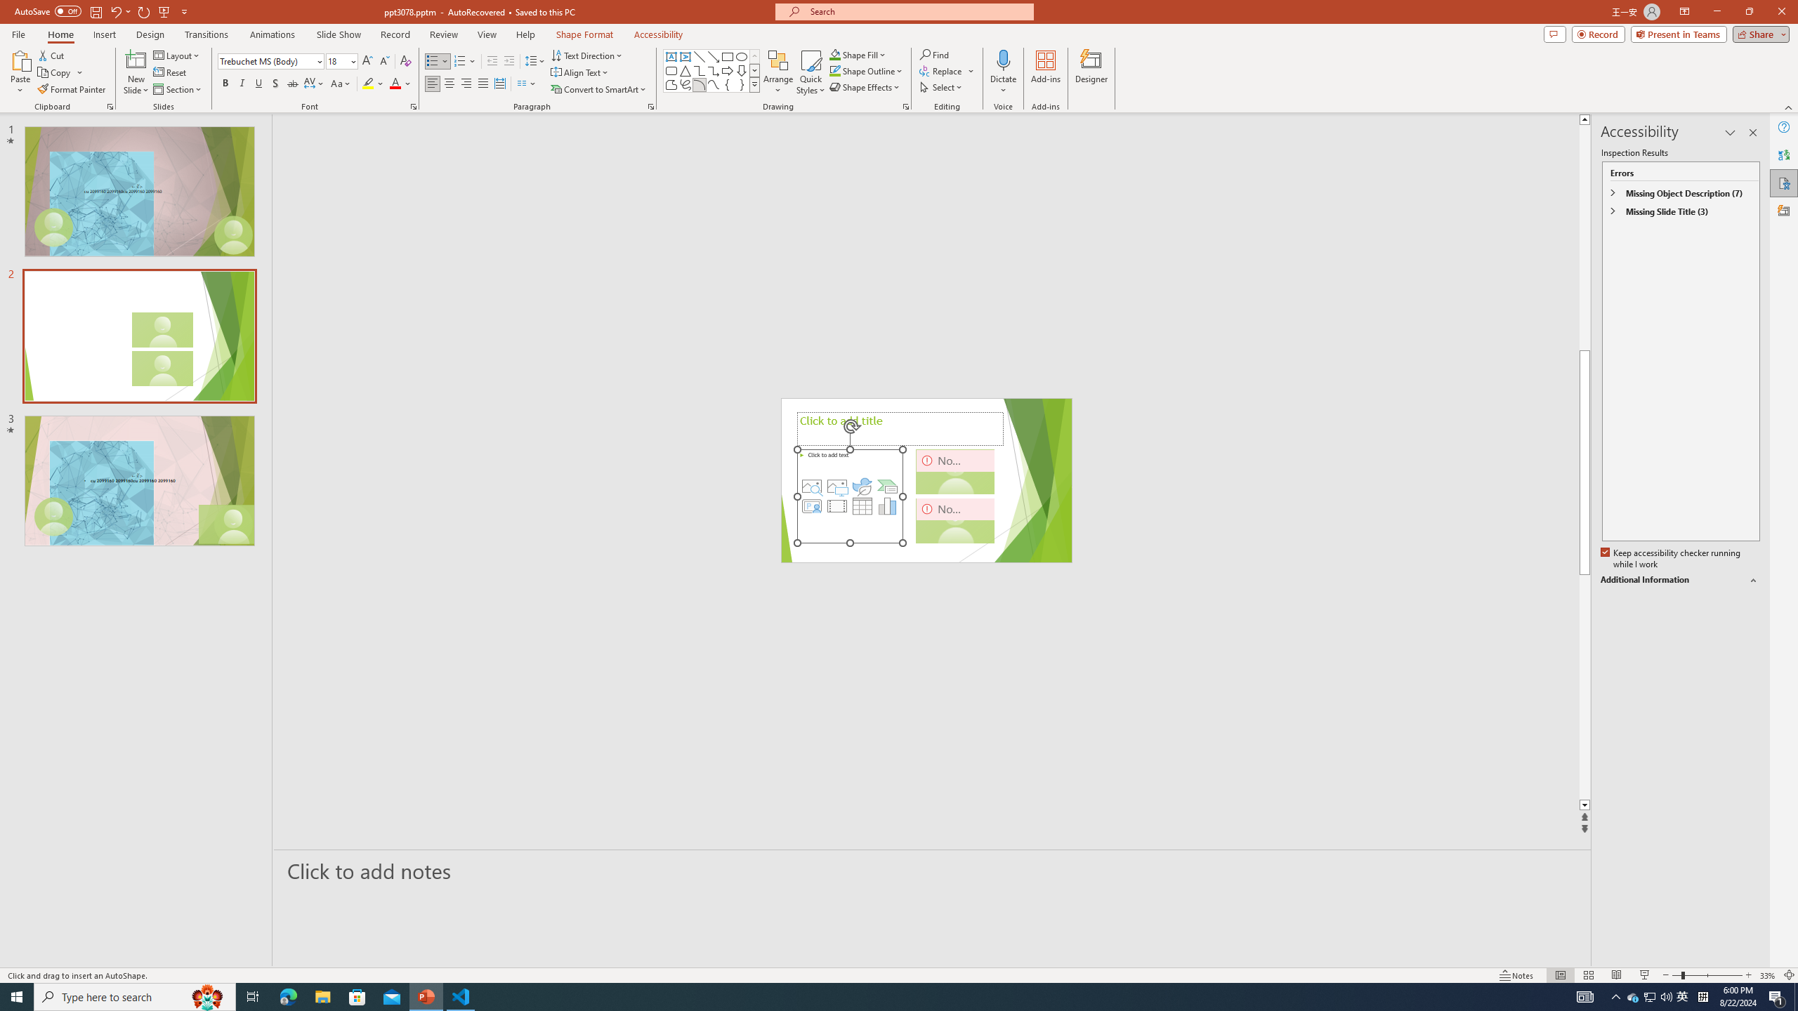 The height and width of the screenshot is (1011, 1798). Describe the element at coordinates (850, 496) in the screenshot. I see `'Content Placeholder'` at that location.